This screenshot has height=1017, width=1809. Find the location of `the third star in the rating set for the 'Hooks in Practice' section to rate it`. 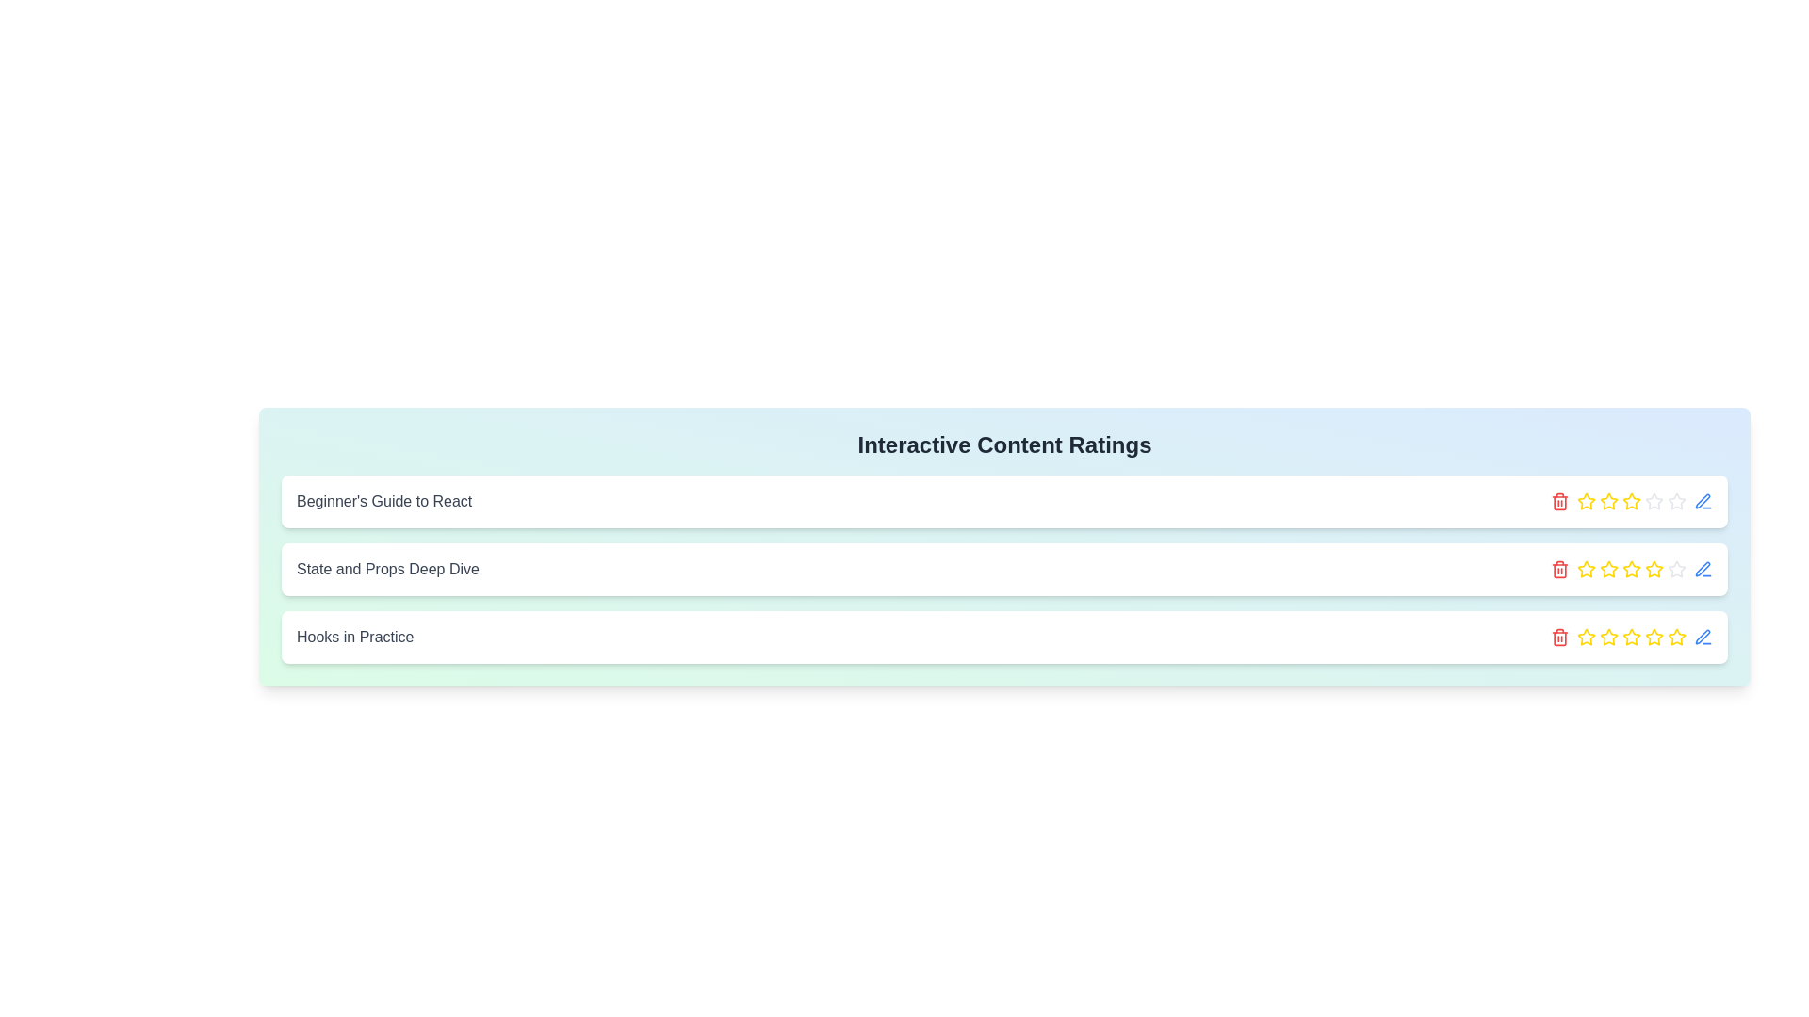

the third star in the rating set for the 'Hooks in Practice' section to rate it is located at coordinates (1631, 636).